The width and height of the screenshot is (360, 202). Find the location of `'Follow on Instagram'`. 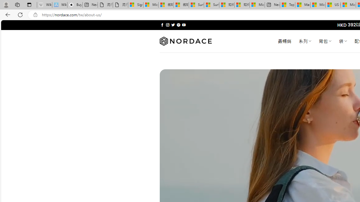

'Follow on Instagram' is located at coordinates (167, 25).